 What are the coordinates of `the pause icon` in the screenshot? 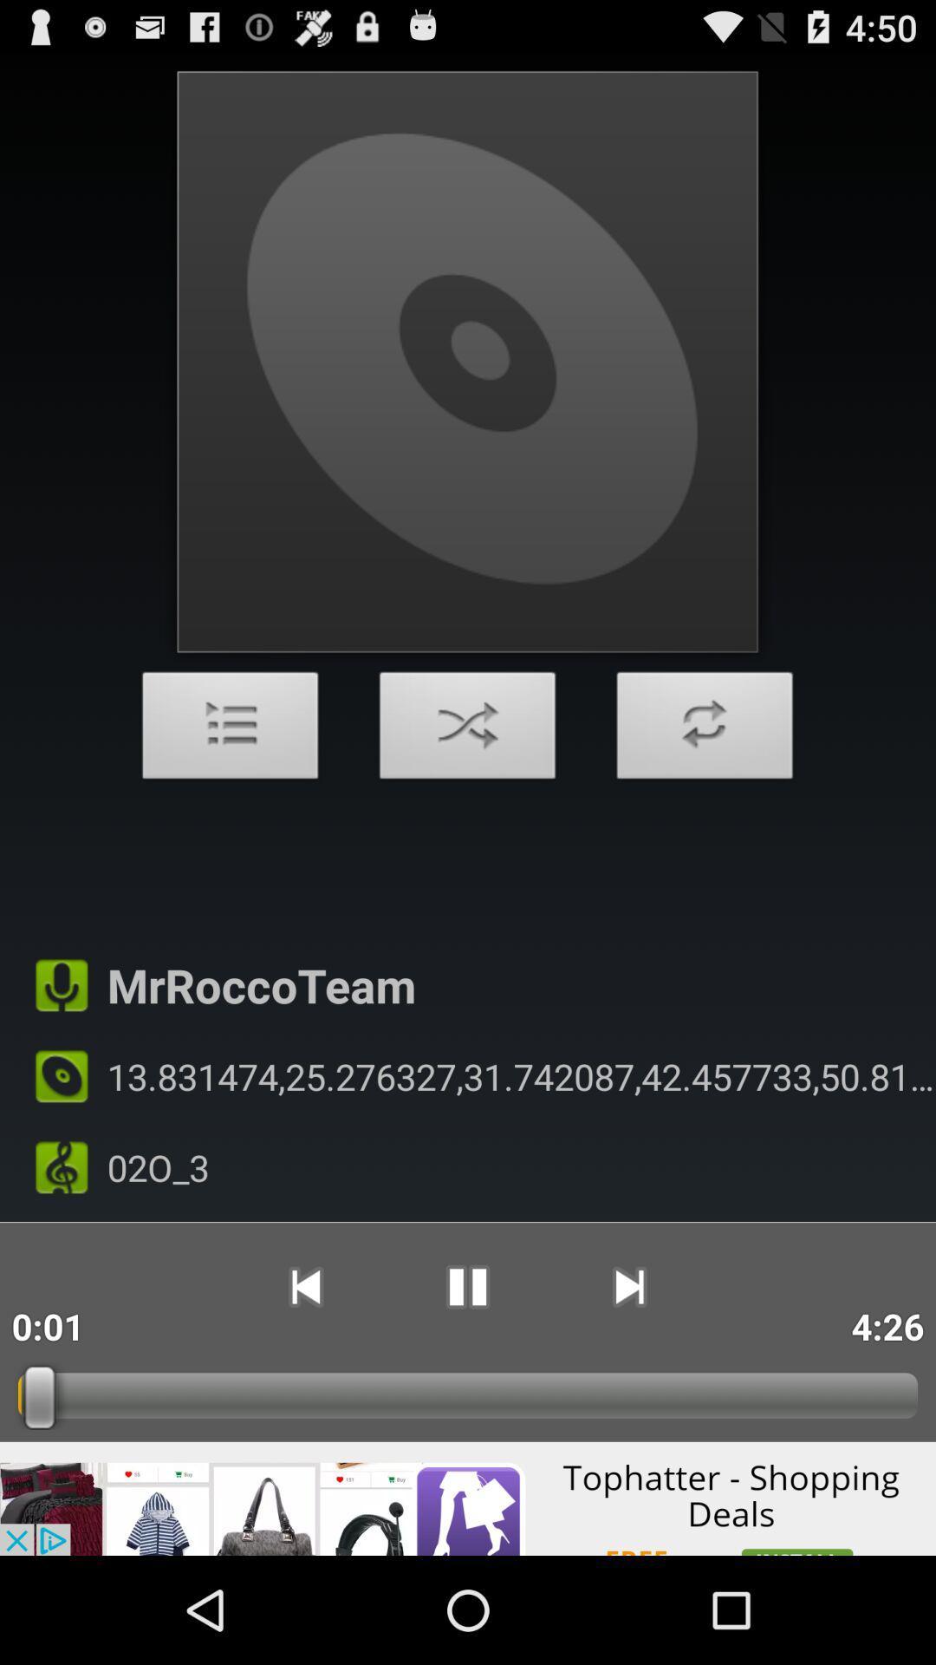 It's located at (466, 1376).